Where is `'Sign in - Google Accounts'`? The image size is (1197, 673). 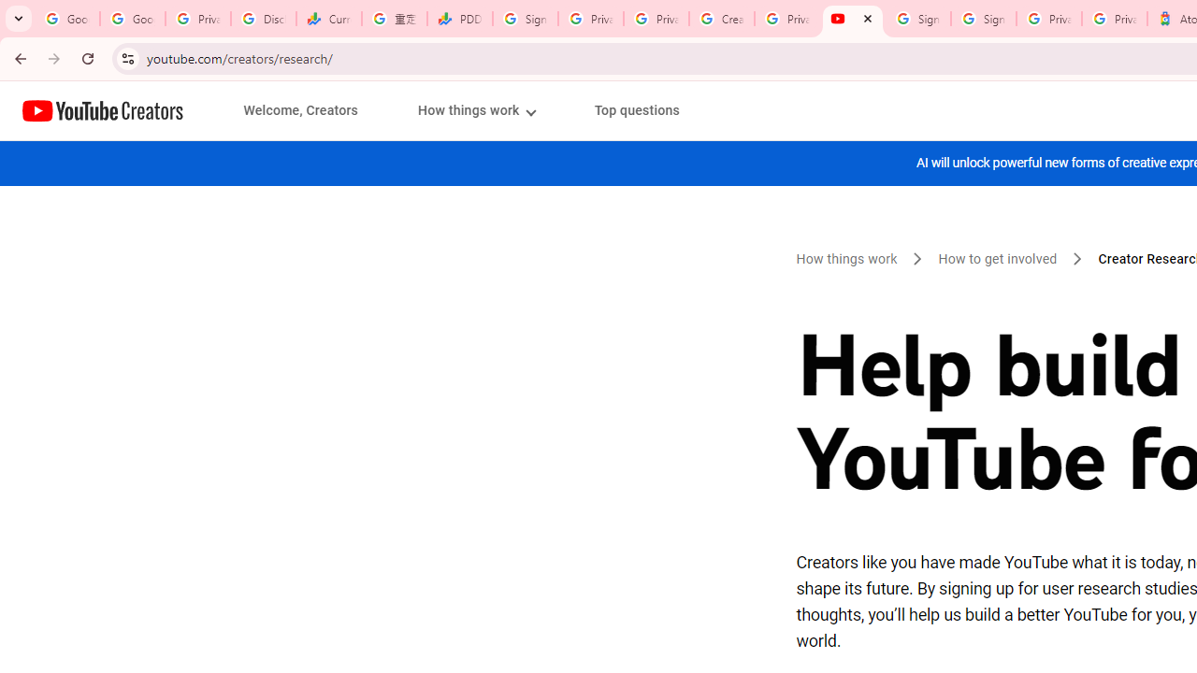
'Sign in - Google Accounts' is located at coordinates (983, 19).